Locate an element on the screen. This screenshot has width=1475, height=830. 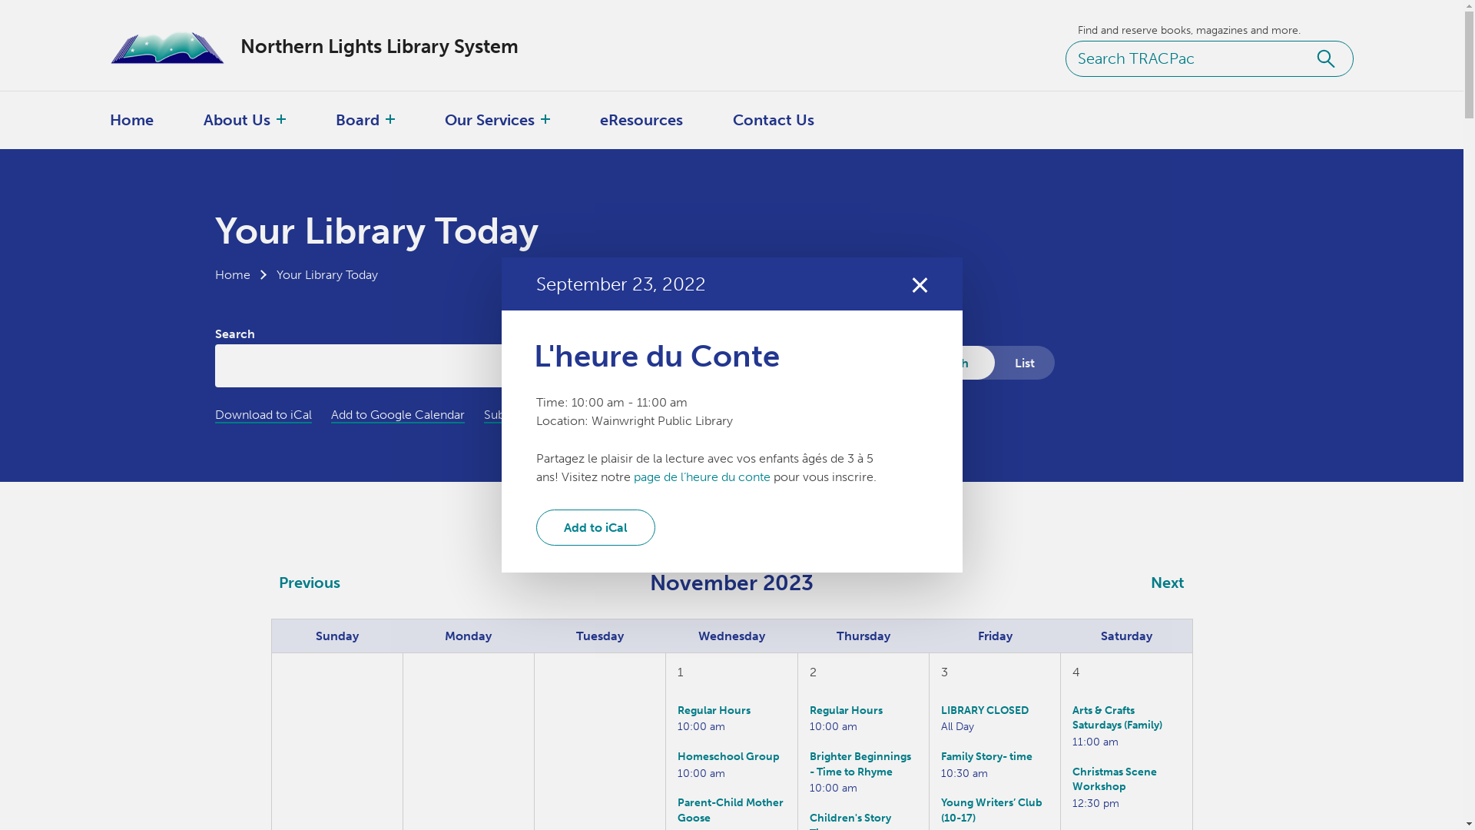
'Close' is located at coordinates (910, 284).